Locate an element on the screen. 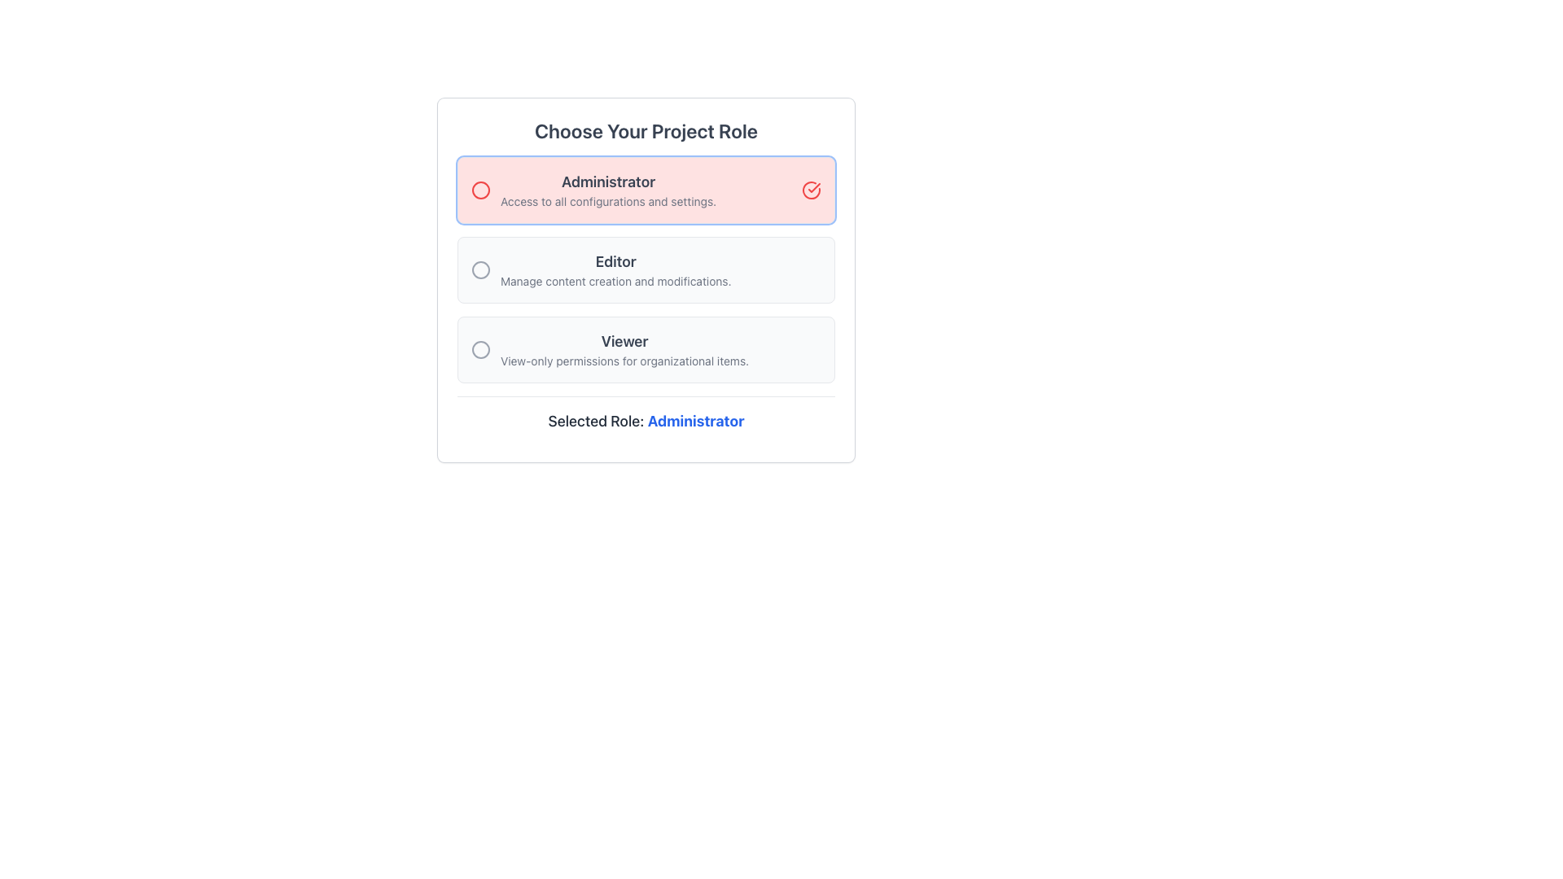 This screenshot has width=1563, height=879. the static text display indicating the currently selected project role, which is the only bold blue text following the phrase 'Selected Role:' in the modal's bottom section is located at coordinates (696, 420).